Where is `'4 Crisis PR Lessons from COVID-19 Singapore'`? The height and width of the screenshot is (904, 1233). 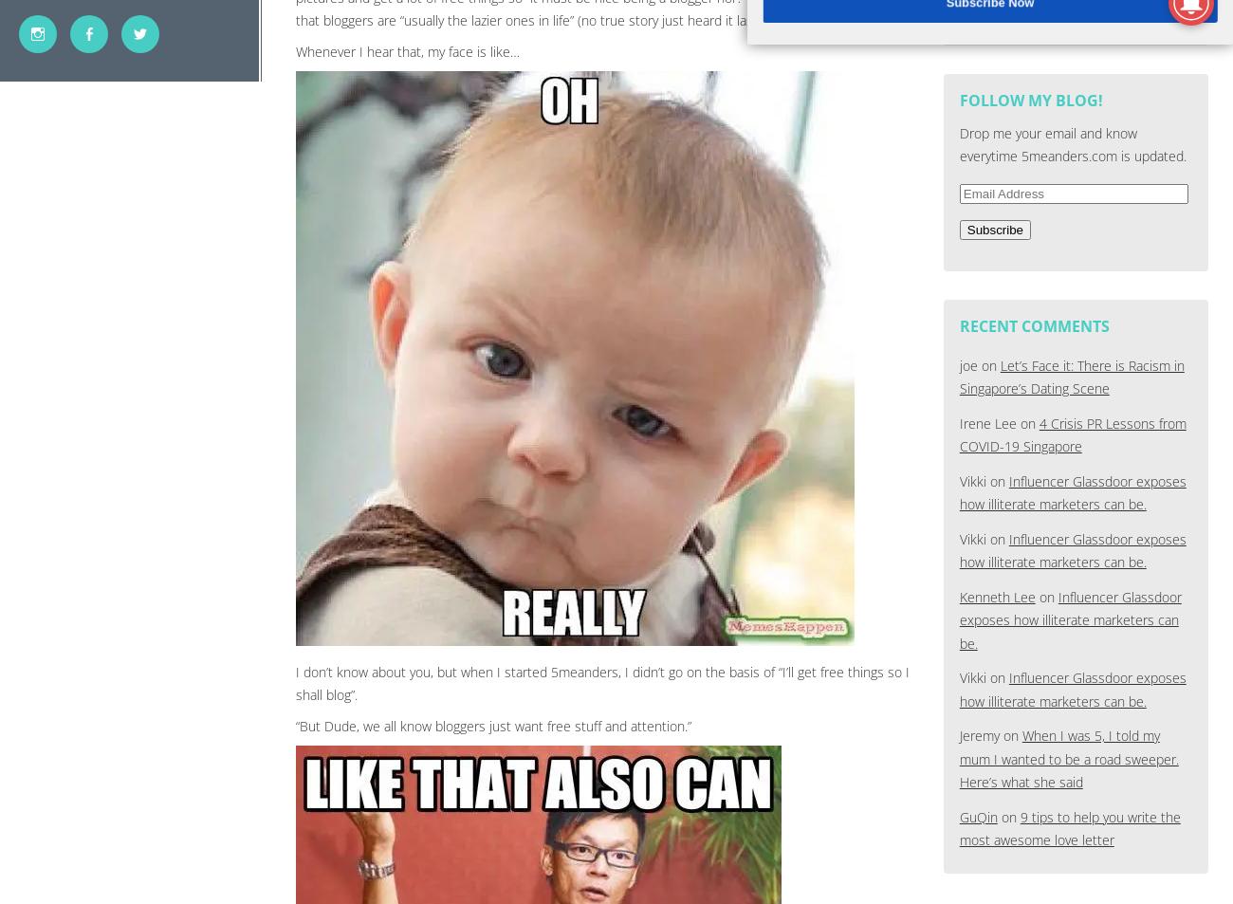
'4 Crisis PR Lessons from COVID-19 Singapore' is located at coordinates (1071, 434).